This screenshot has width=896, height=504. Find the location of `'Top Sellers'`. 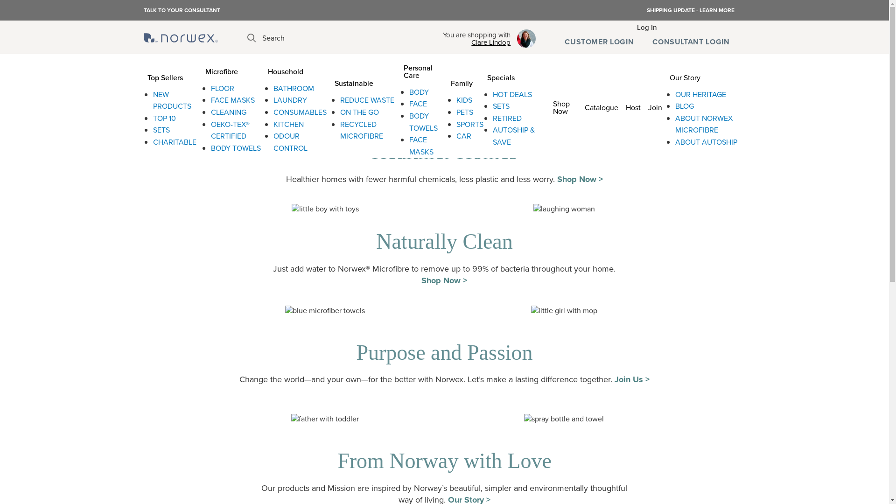

'Top Sellers' is located at coordinates (173, 76).